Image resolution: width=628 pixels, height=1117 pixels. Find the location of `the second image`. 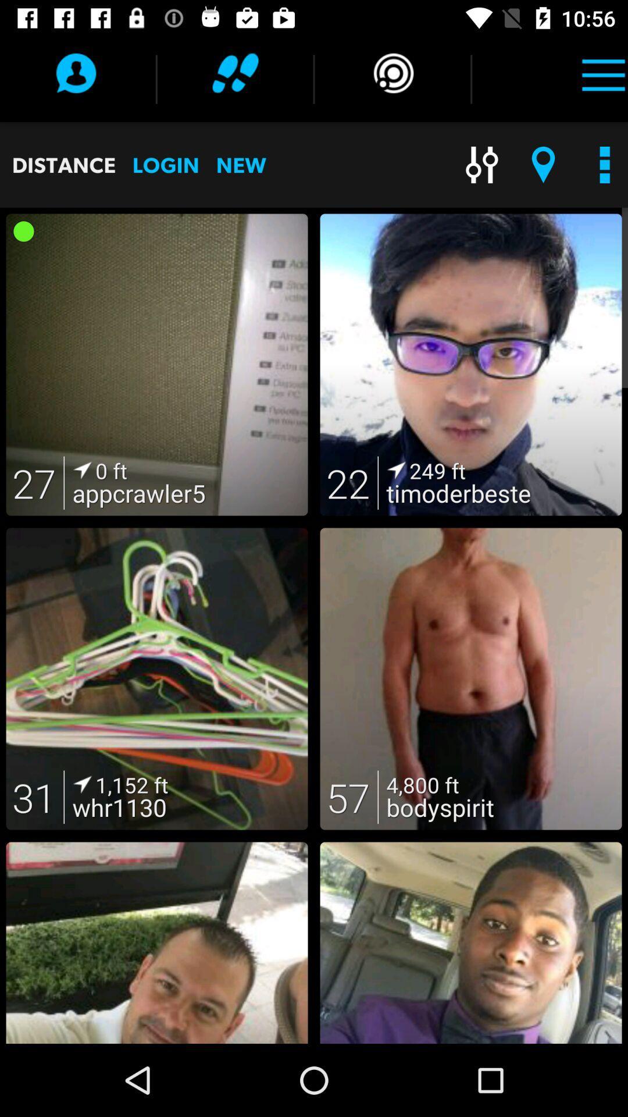

the second image is located at coordinates (471, 364).